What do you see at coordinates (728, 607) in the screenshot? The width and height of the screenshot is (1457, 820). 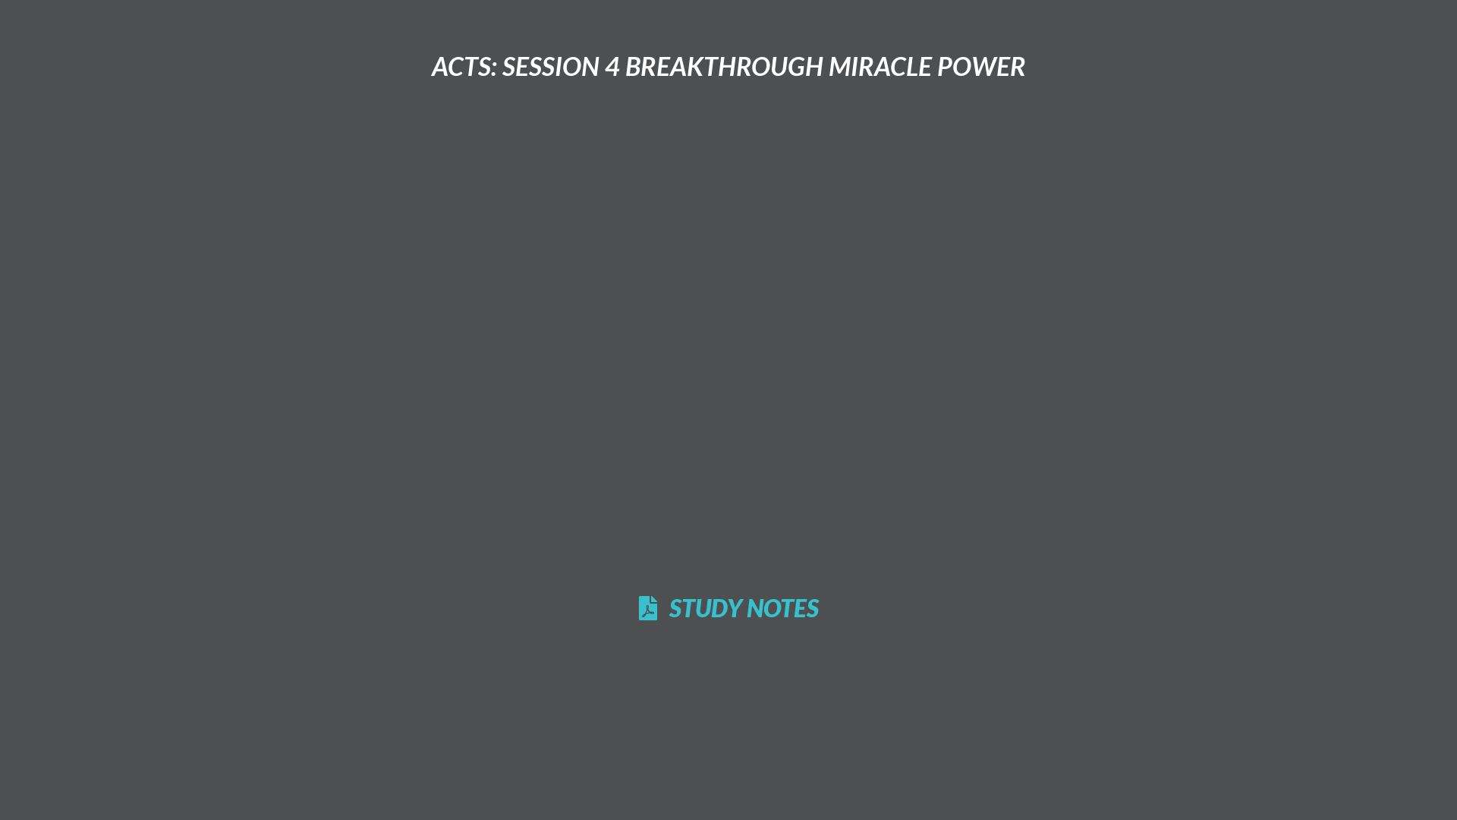 I see `'STUDY NOTES'` at bounding box center [728, 607].